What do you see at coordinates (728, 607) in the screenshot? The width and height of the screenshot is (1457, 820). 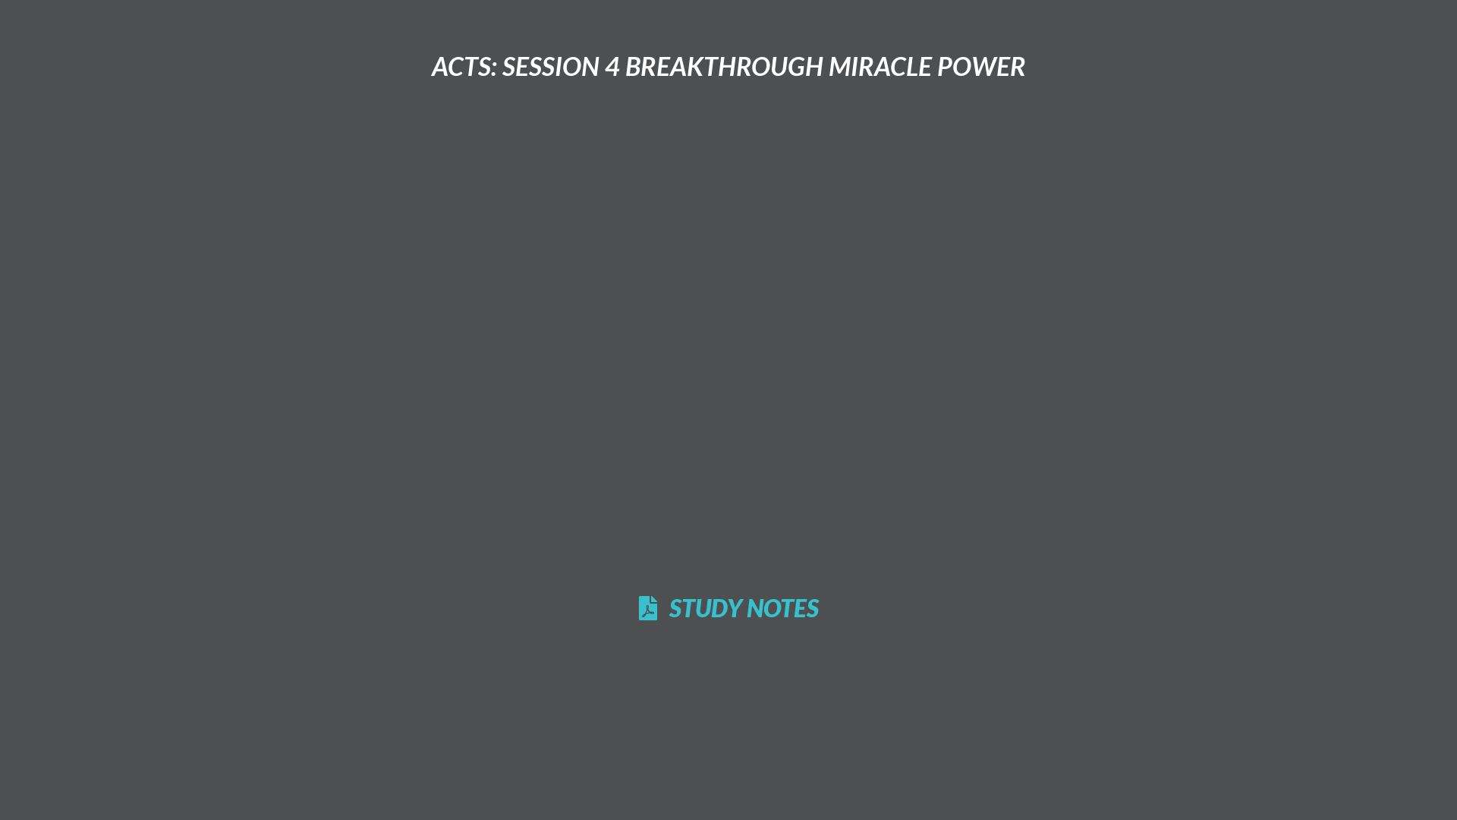 I see `'STUDY NOTES'` at bounding box center [728, 607].